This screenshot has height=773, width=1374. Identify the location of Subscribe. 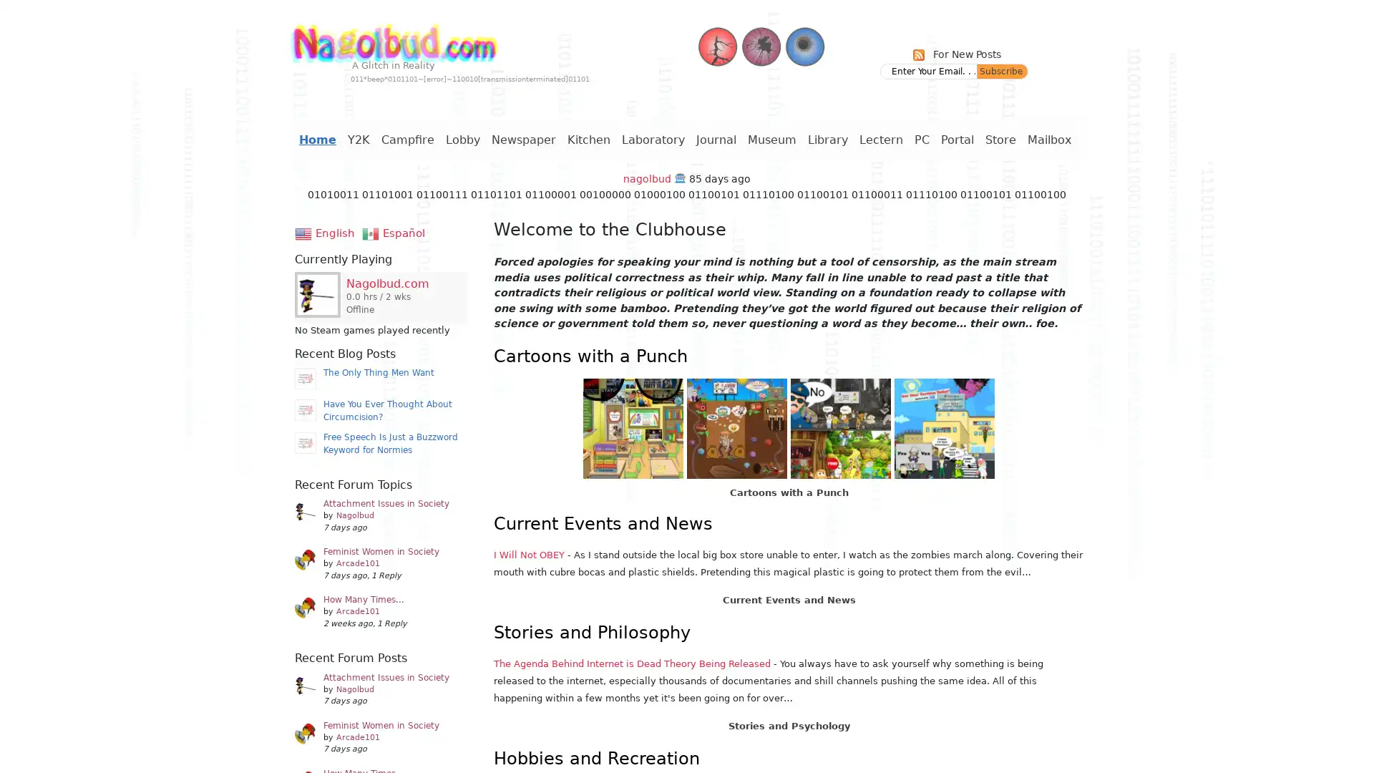
(1002, 72).